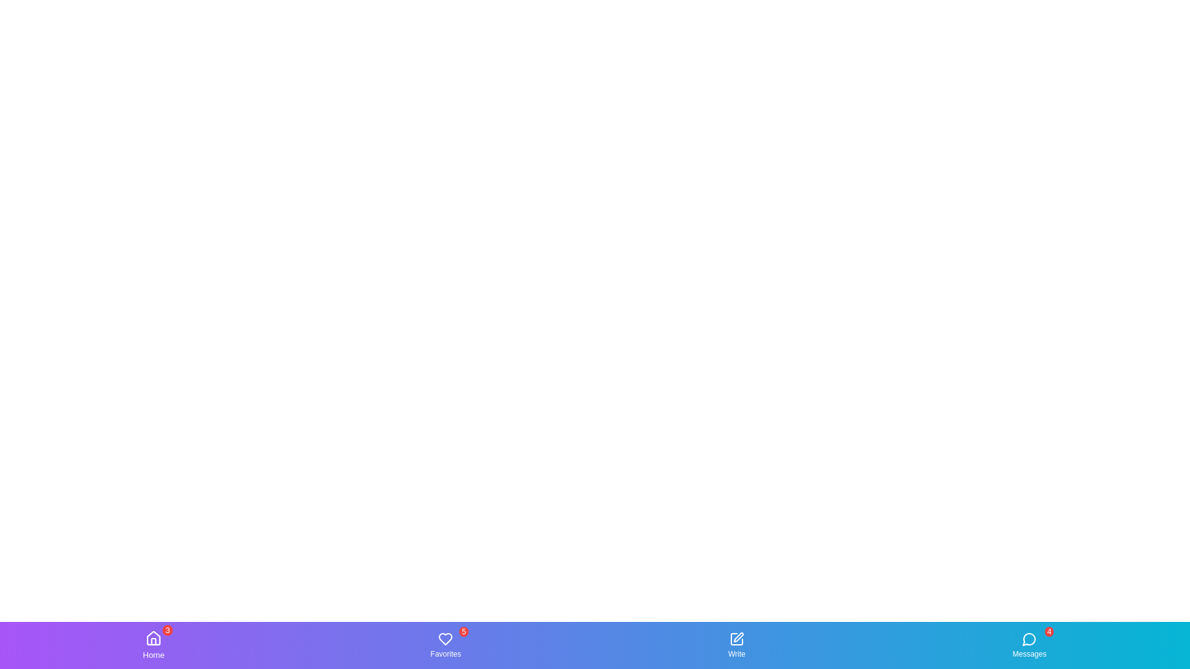  What do you see at coordinates (1029, 644) in the screenshot?
I see `the tab labeled Messages` at bounding box center [1029, 644].